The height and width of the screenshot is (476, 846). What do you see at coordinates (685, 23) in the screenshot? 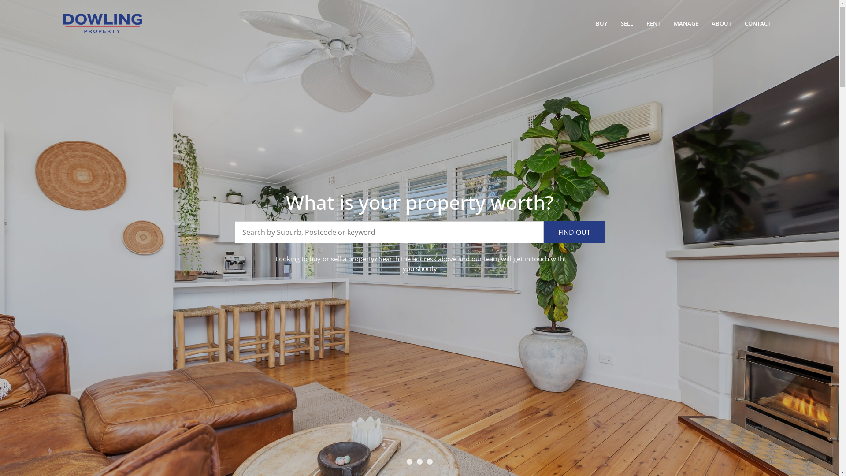
I see `'MANAGE'` at bounding box center [685, 23].